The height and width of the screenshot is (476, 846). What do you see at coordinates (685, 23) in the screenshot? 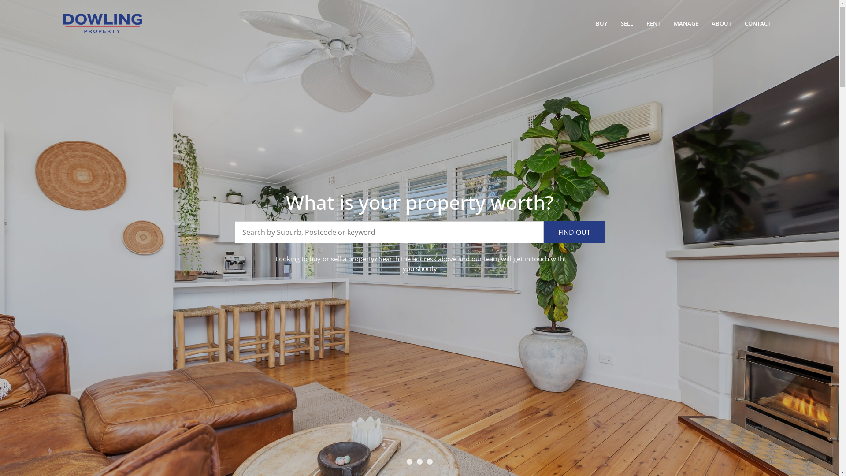
I see `'MANAGE'` at bounding box center [685, 23].